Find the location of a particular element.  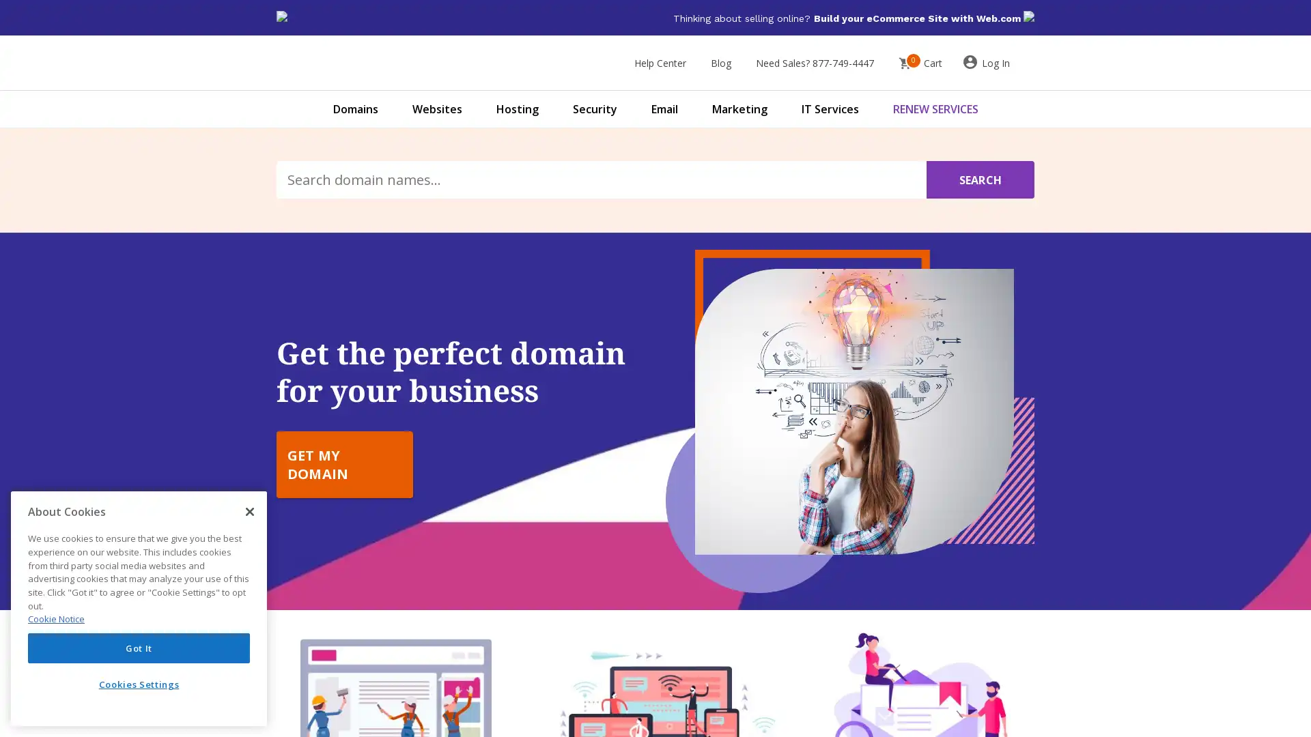

Got It is located at coordinates (139, 647).